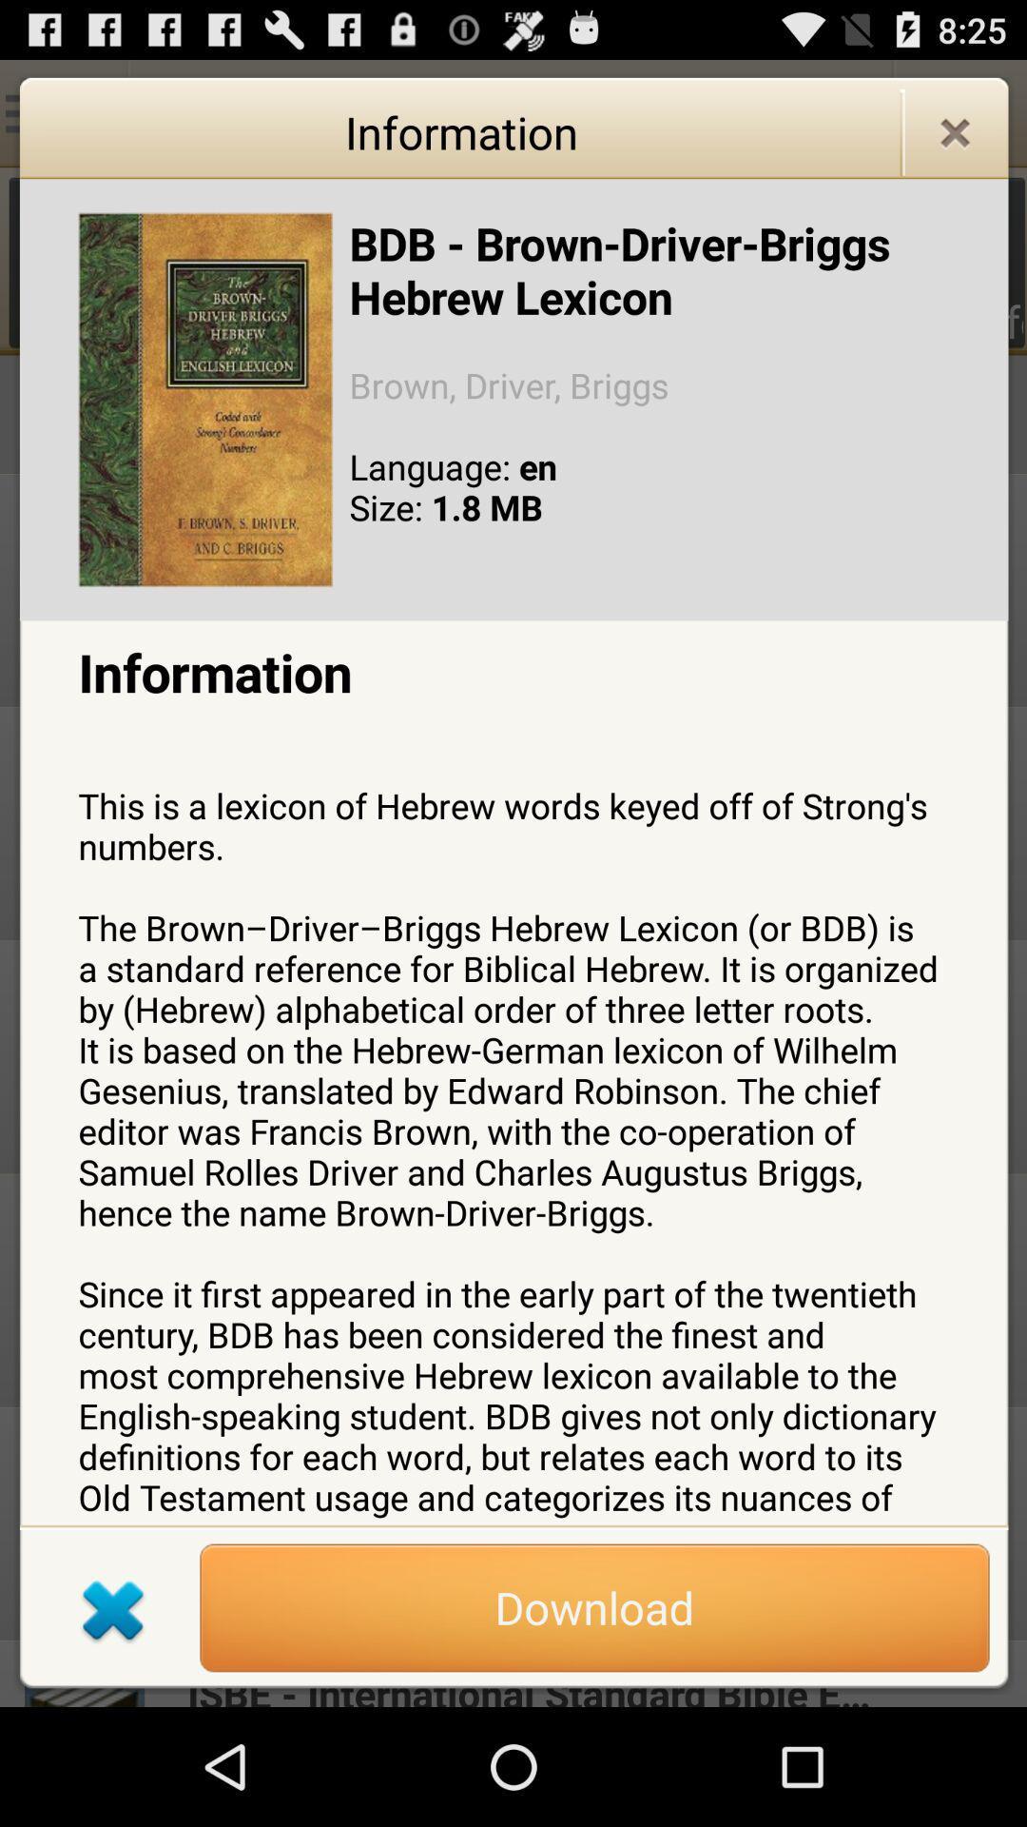 This screenshot has width=1027, height=1827. I want to click on the close icon, so click(955, 142).